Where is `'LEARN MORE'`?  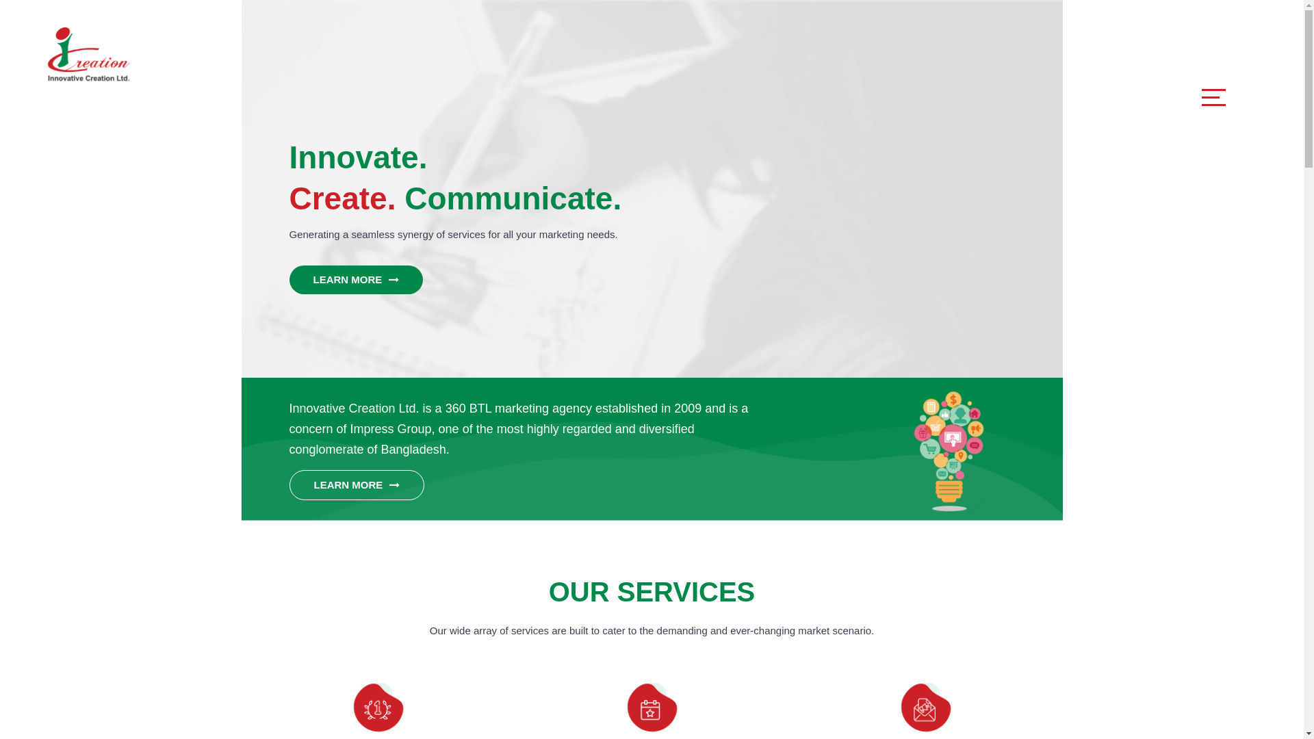 'LEARN MORE' is located at coordinates (355, 278).